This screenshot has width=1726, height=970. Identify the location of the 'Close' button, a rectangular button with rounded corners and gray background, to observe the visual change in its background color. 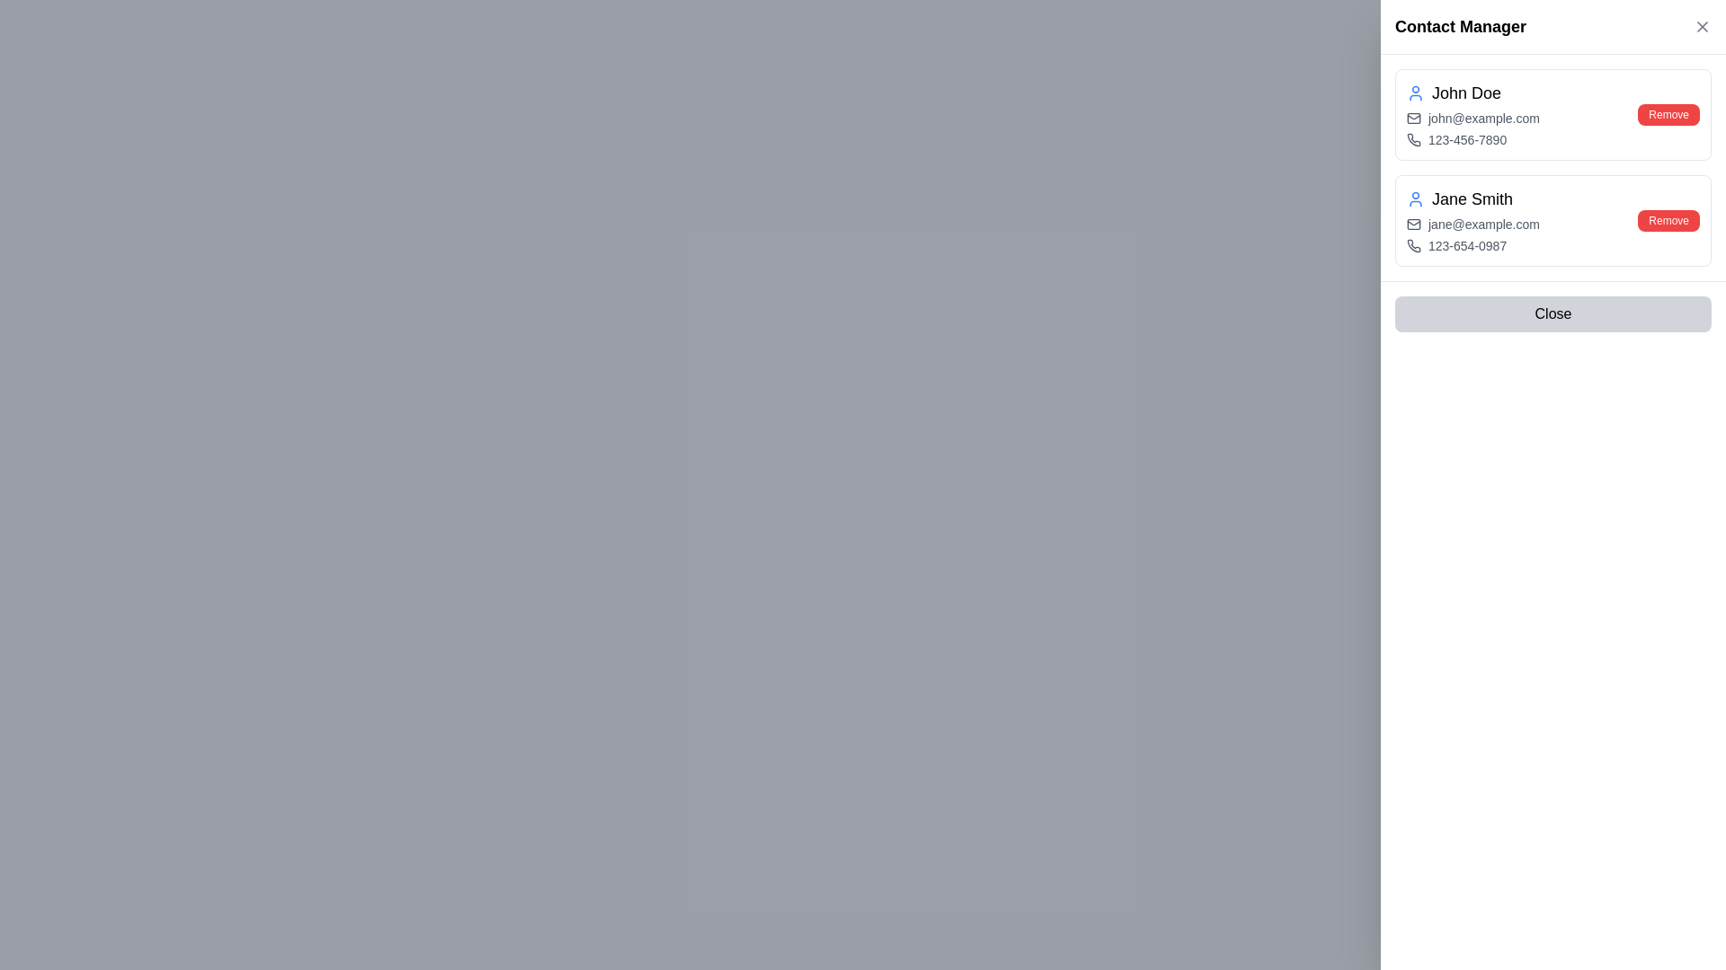
(1553, 313).